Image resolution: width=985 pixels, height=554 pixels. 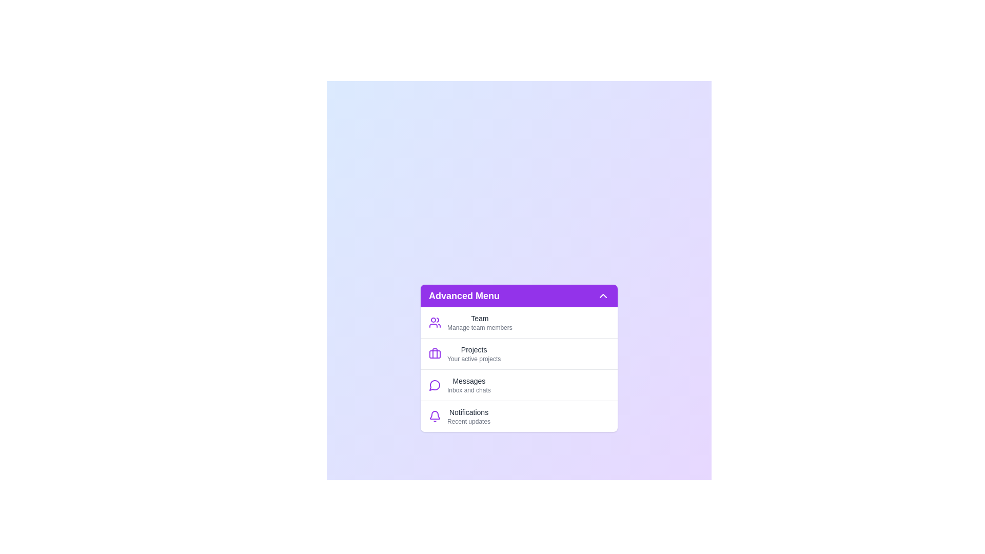 I want to click on the menu item labeled Notifications, so click(x=519, y=415).